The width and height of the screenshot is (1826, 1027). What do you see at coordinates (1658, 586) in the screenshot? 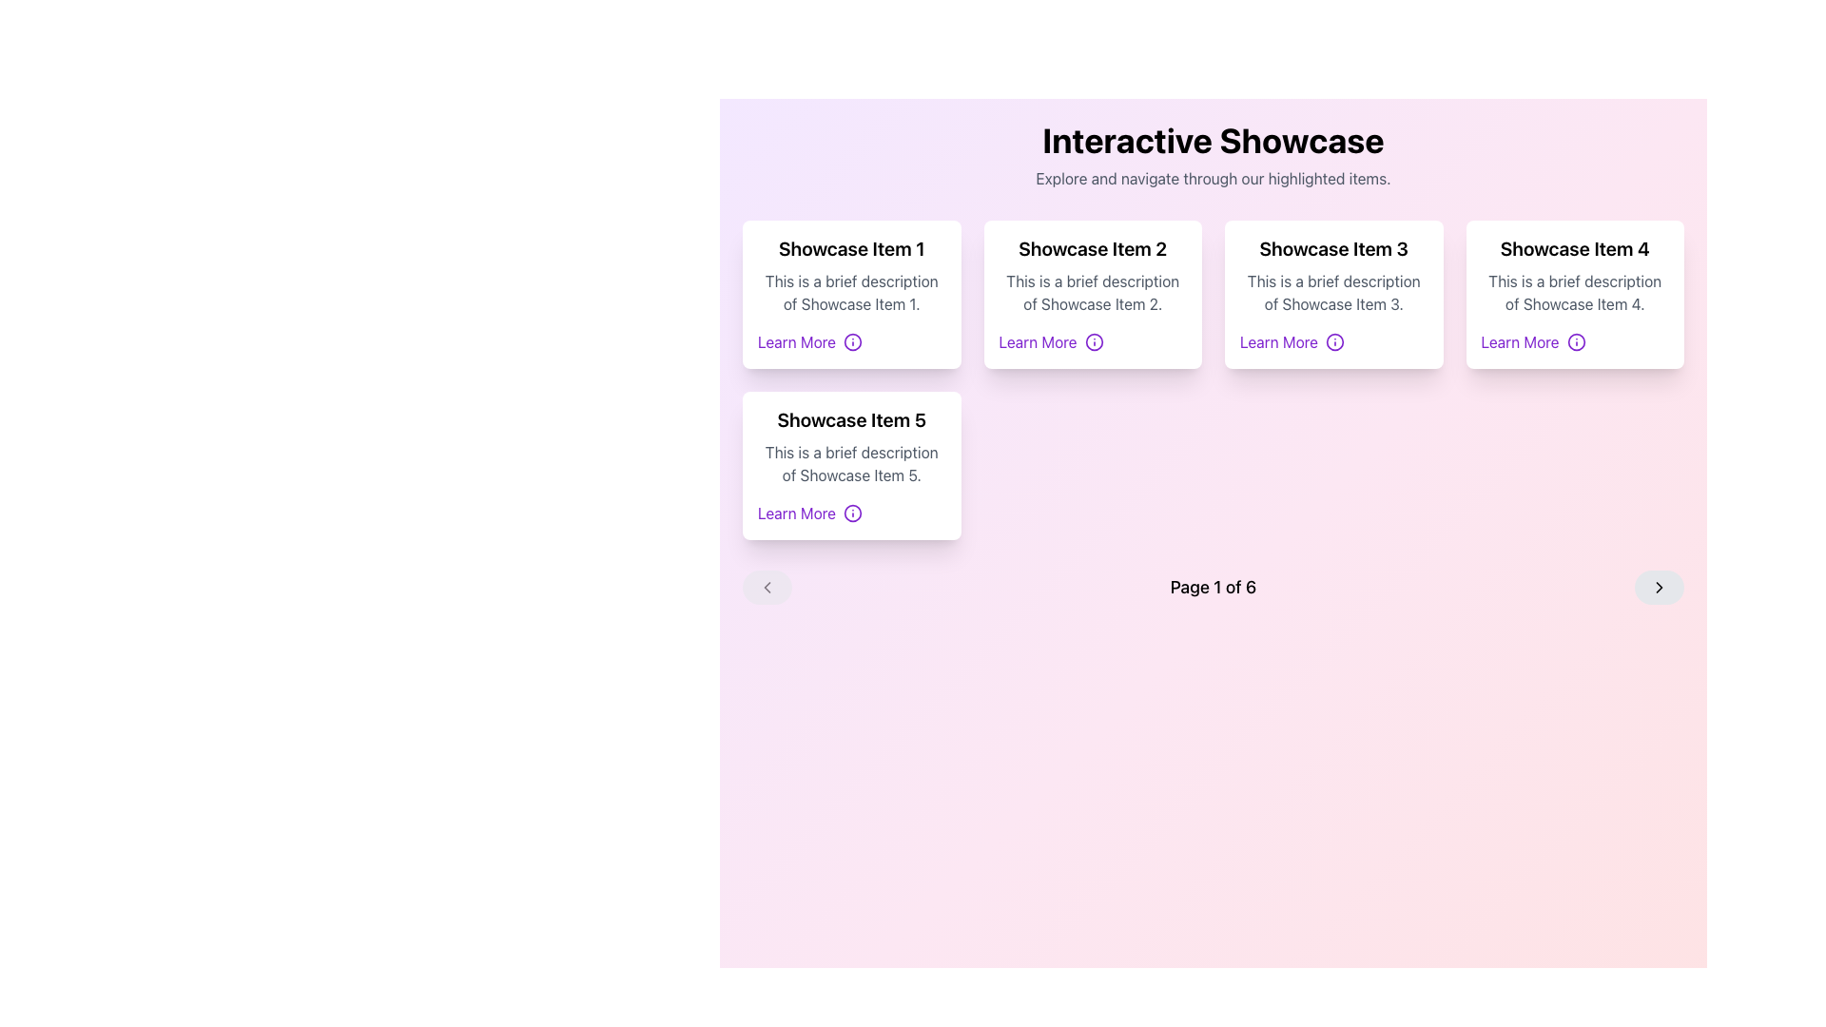
I see `the rightmost button in the pagination area` at bounding box center [1658, 586].